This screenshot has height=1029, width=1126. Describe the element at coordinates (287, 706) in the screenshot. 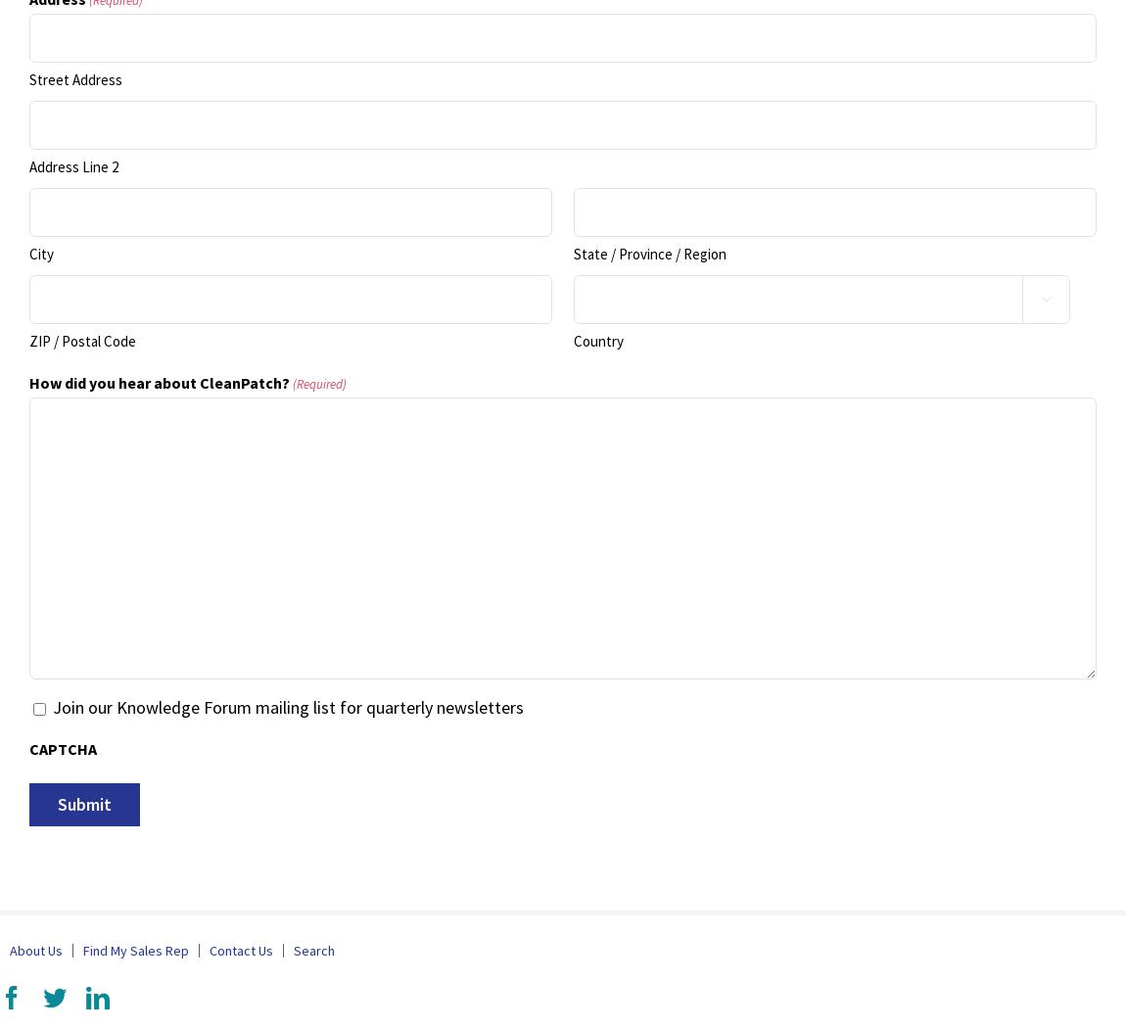

I see `'Join our Knowledge Forum mailing list for quarterly newsletters'` at that location.